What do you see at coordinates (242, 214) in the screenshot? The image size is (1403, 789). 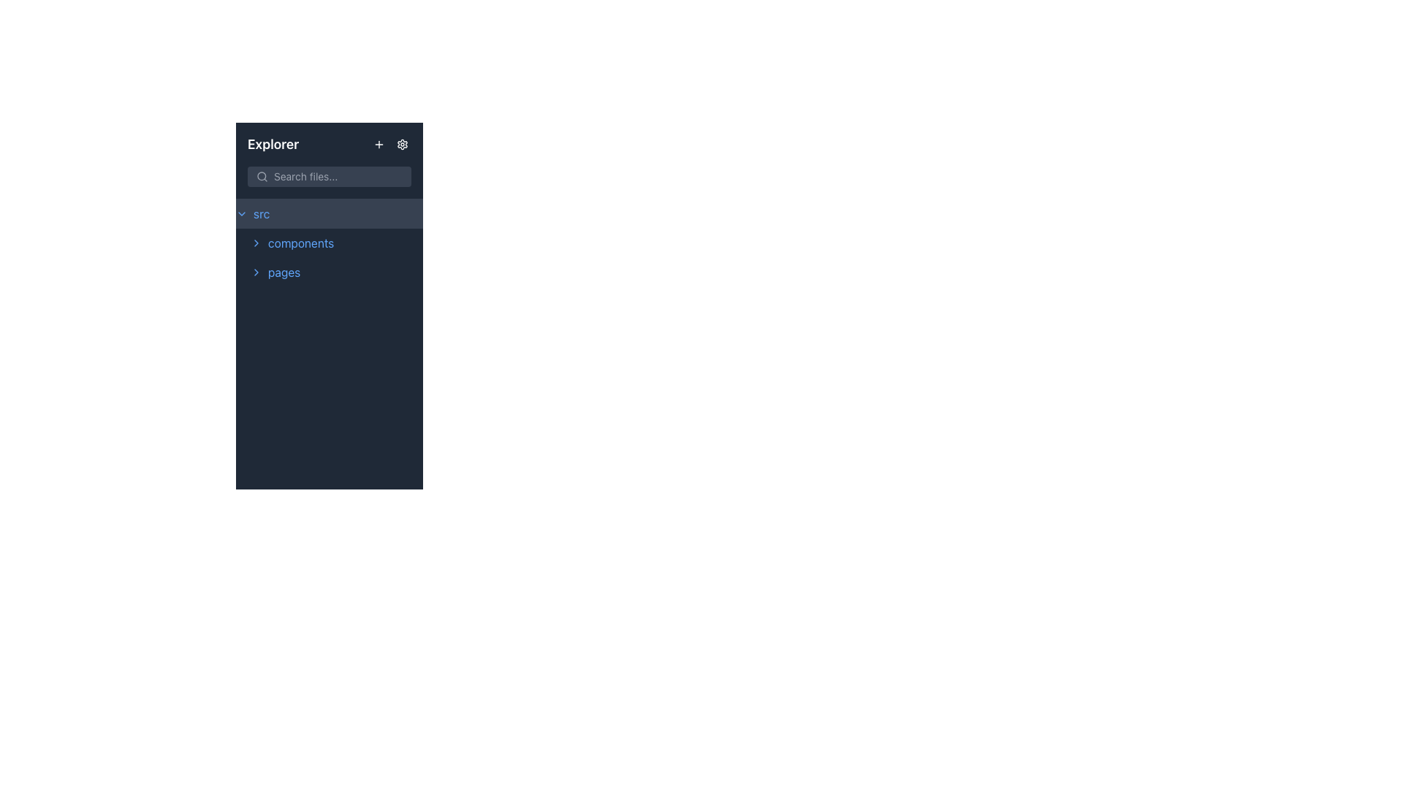 I see `the chevron-down icon located to the left of the 'src' label` at bounding box center [242, 214].